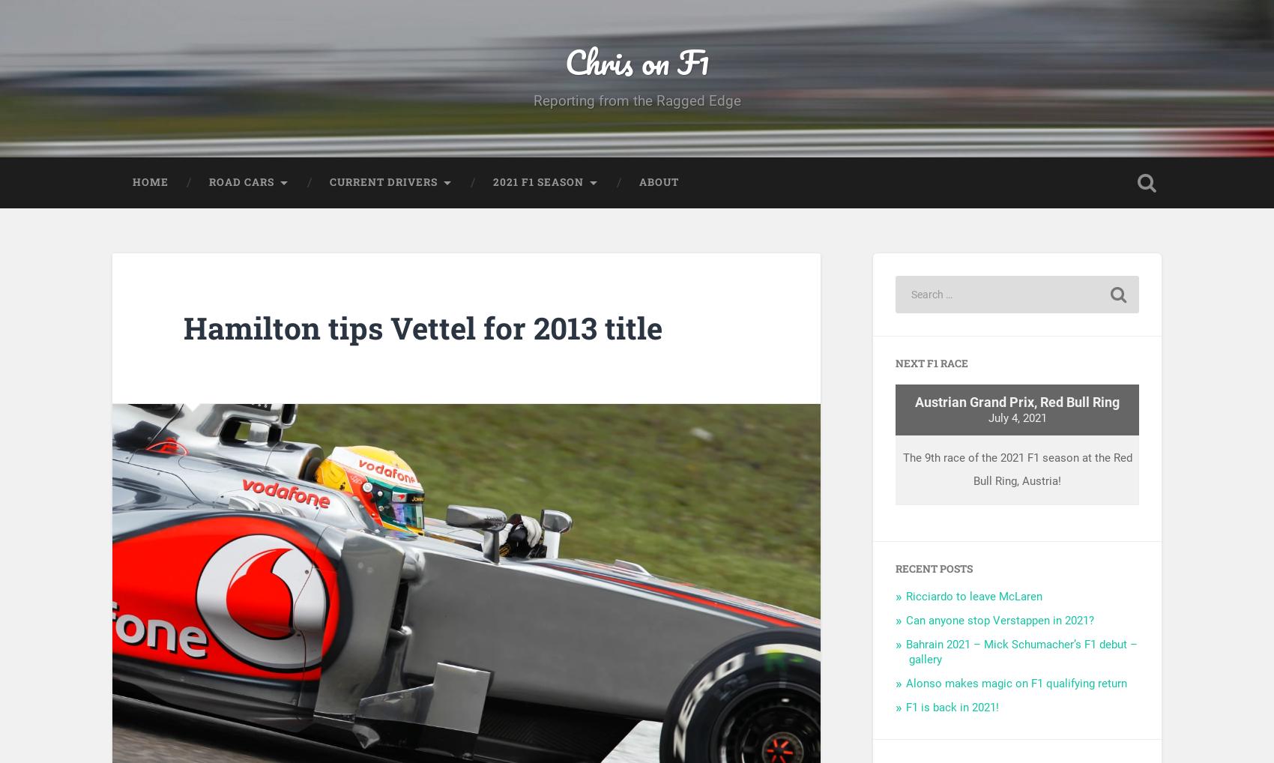 This screenshot has height=763, width=1274. What do you see at coordinates (951, 716) in the screenshot?
I see `'F1 is back in 2021!'` at bounding box center [951, 716].